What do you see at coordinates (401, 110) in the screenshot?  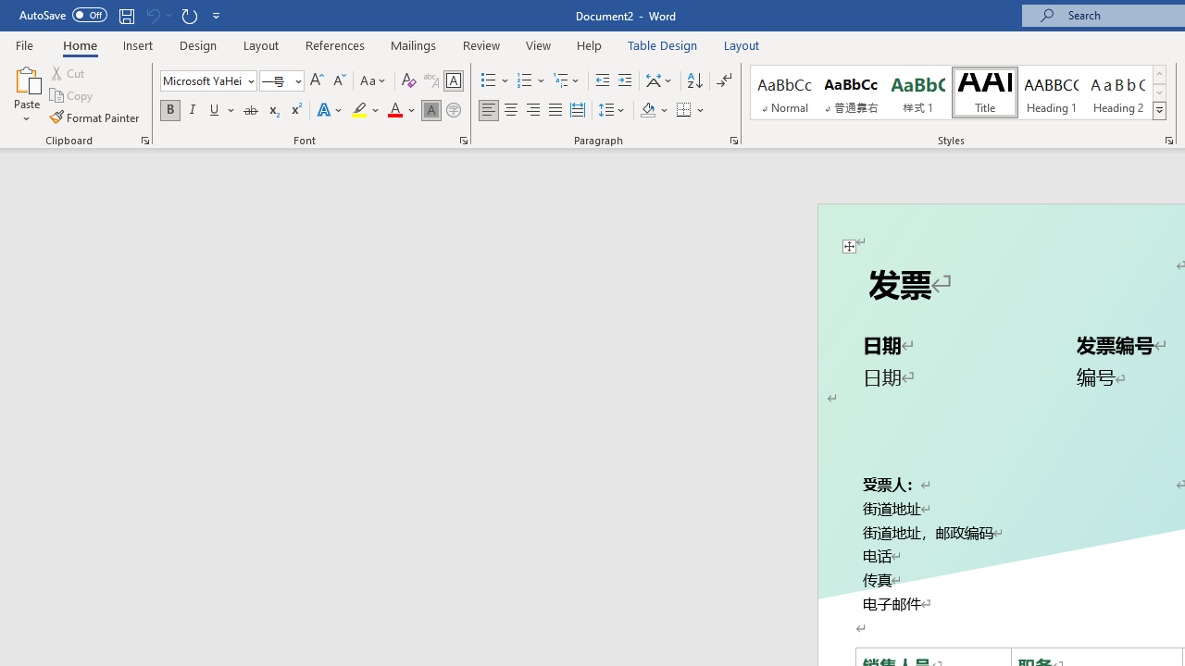 I see `'Font Color'` at bounding box center [401, 110].